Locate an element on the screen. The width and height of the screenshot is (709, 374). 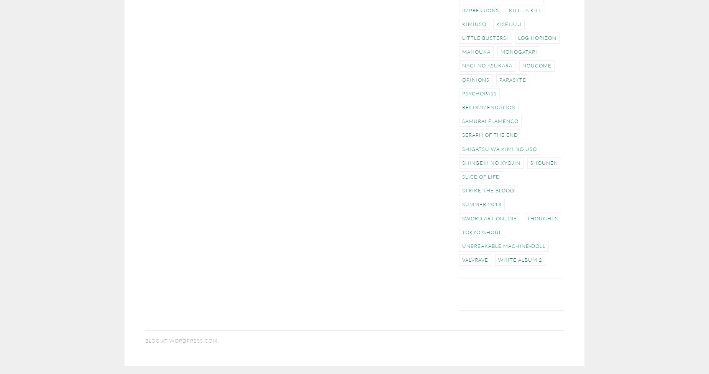
'PsychoPass' is located at coordinates (479, 93).